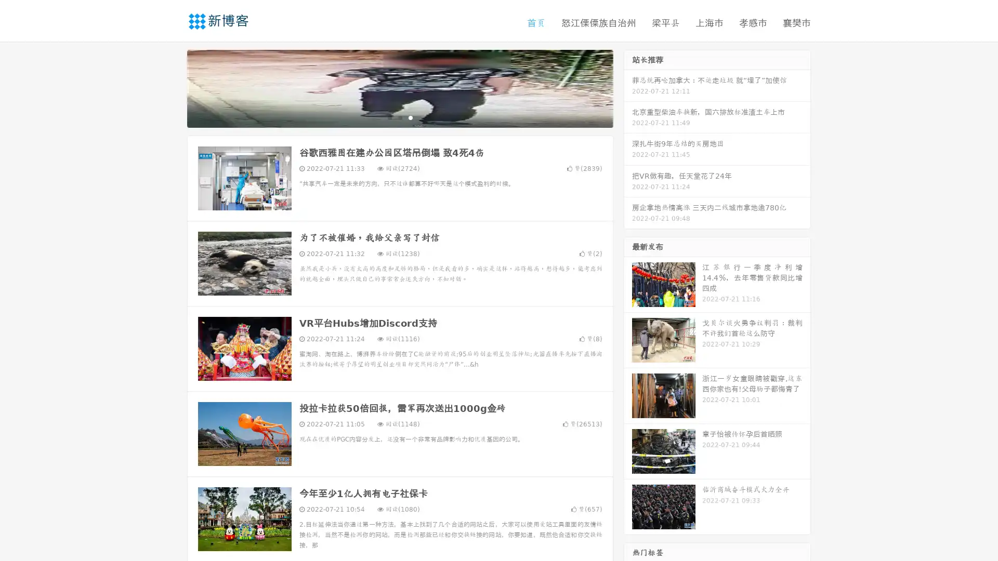  Describe the element at coordinates (172, 87) in the screenshot. I see `Previous slide` at that location.